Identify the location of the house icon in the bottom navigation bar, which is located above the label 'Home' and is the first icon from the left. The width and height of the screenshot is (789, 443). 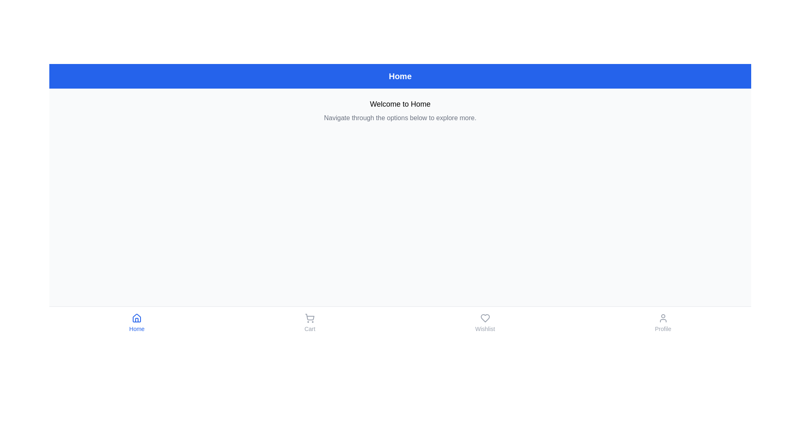
(137, 317).